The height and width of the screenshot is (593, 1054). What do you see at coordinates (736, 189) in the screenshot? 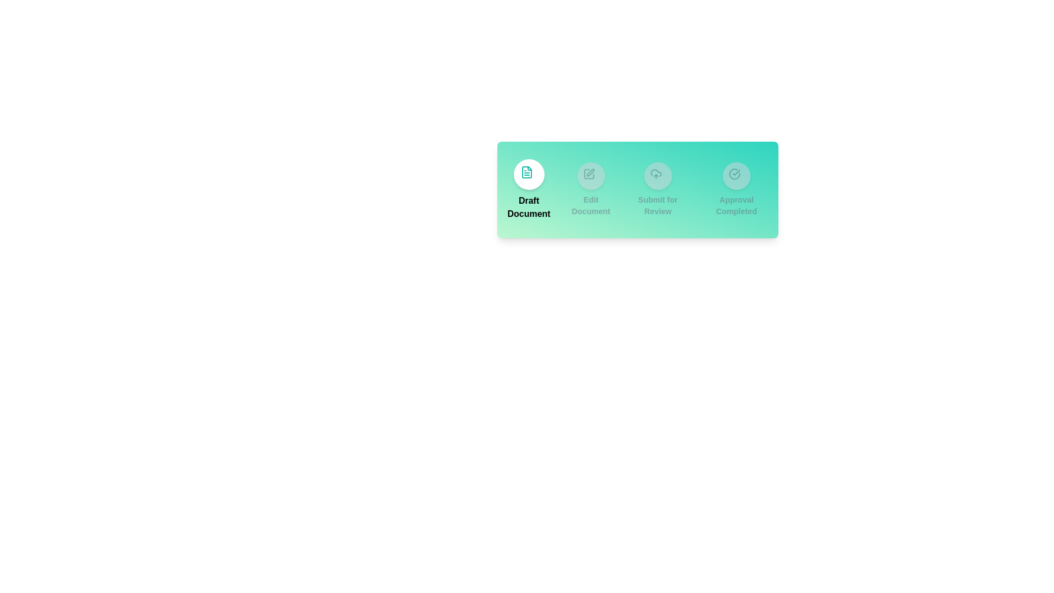
I see `the step corresponding to Approval Completed` at bounding box center [736, 189].